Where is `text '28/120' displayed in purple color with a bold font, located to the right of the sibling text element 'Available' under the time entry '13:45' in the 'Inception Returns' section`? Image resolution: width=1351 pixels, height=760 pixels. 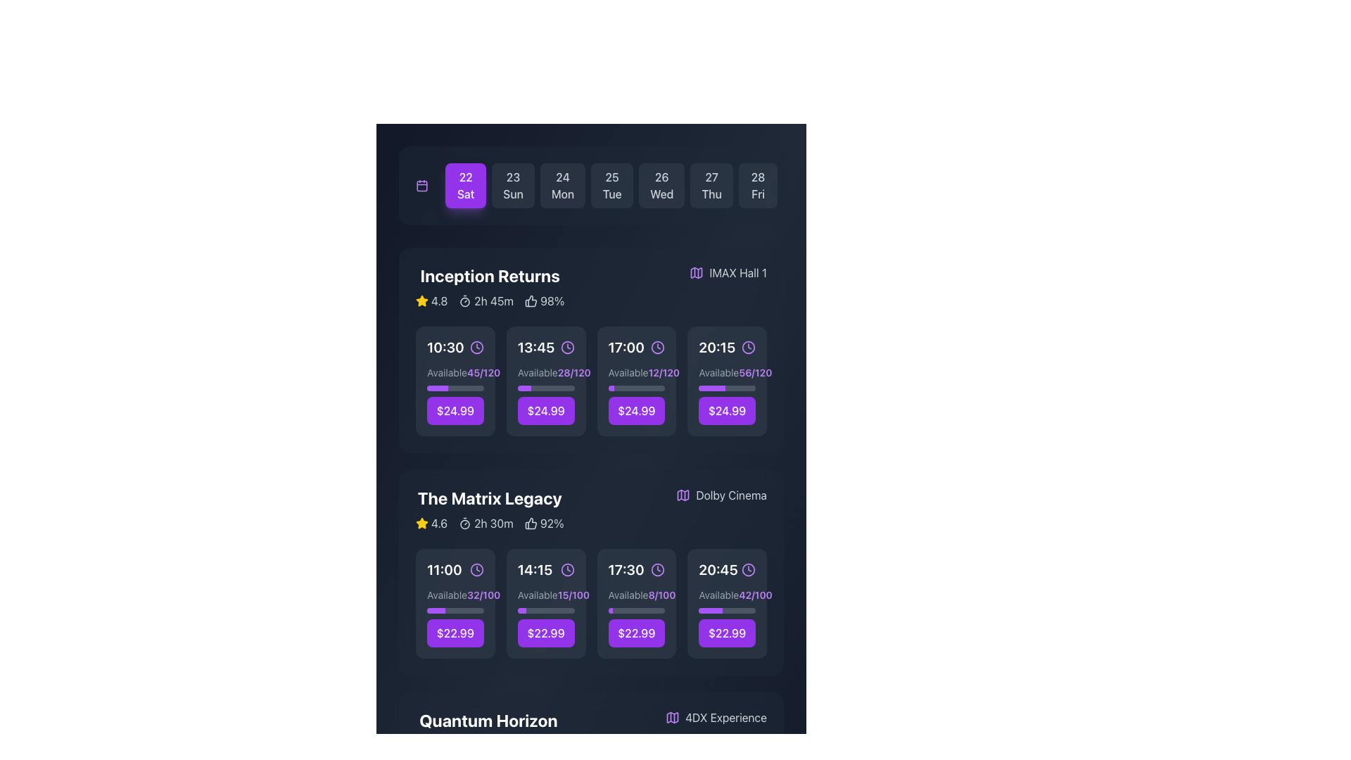 text '28/120' displayed in purple color with a bold font, located to the right of the sibling text element 'Available' under the time entry '13:45' in the 'Inception Returns' section is located at coordinates (574, 372).